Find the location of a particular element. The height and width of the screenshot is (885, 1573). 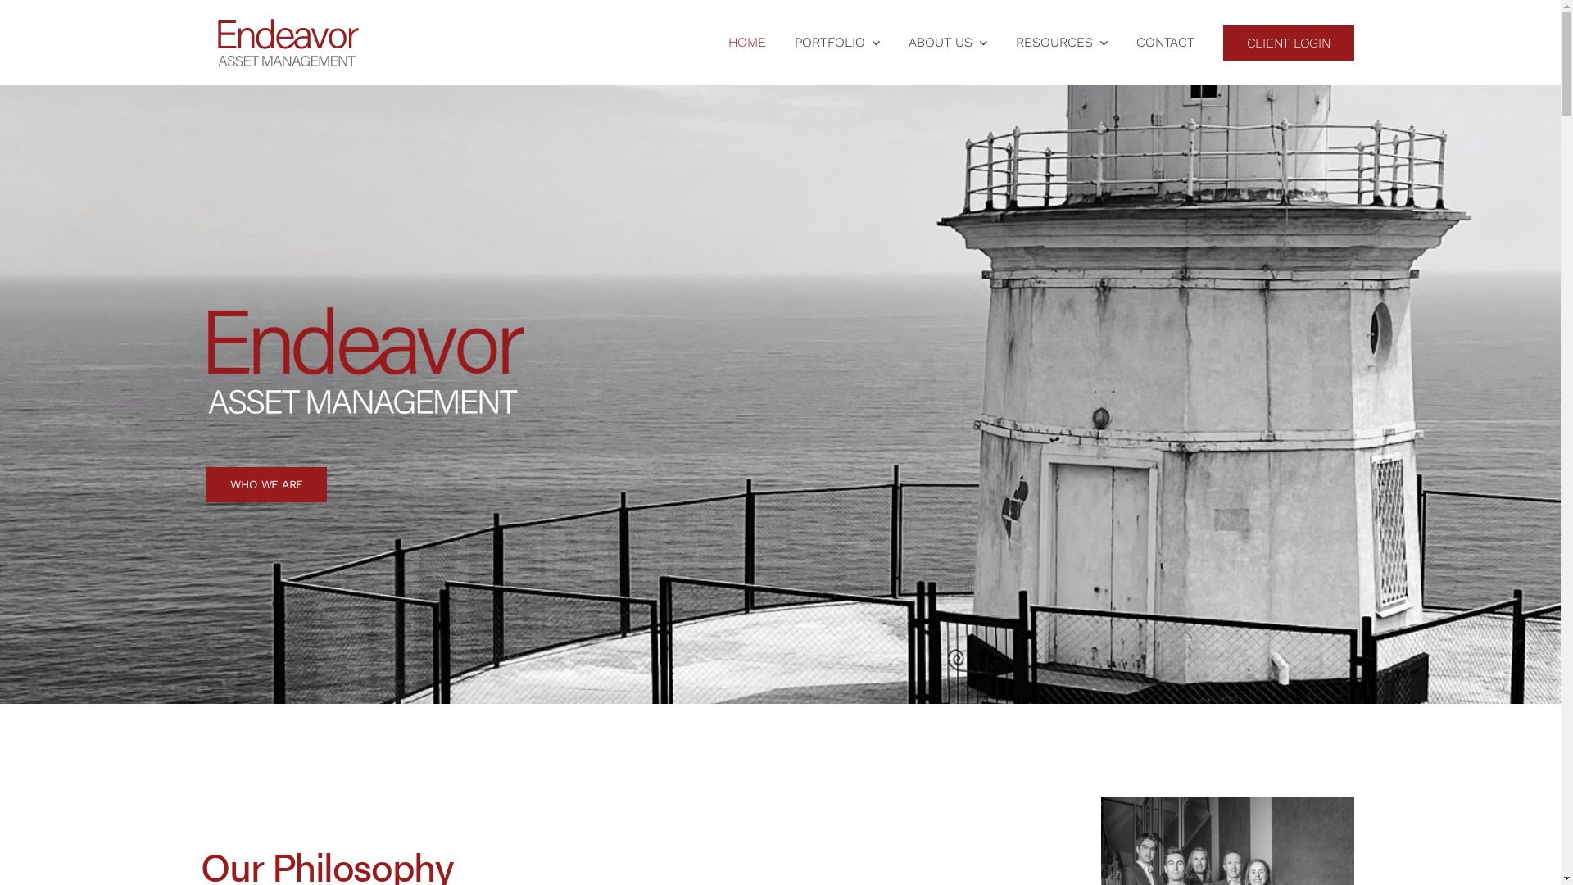

'RESOURCES' is located at coordinates (1062, 41).